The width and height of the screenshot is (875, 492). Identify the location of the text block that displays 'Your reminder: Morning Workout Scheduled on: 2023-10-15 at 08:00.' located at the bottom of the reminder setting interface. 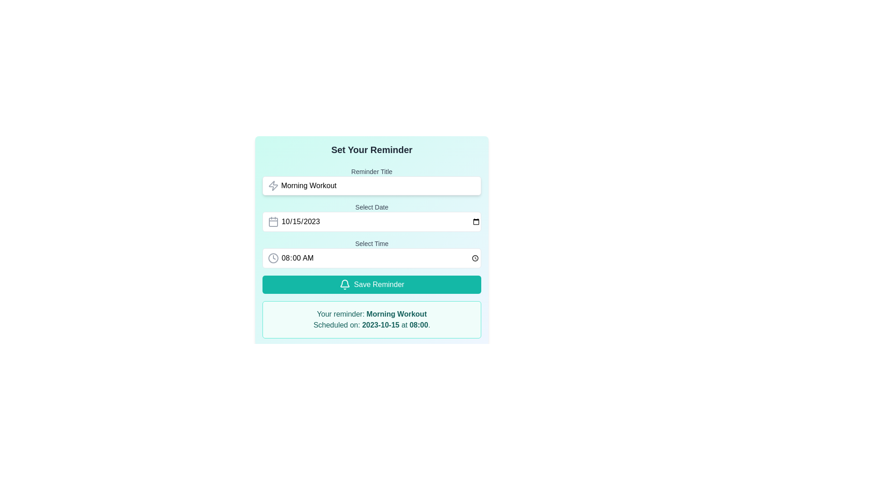
(372, 319).